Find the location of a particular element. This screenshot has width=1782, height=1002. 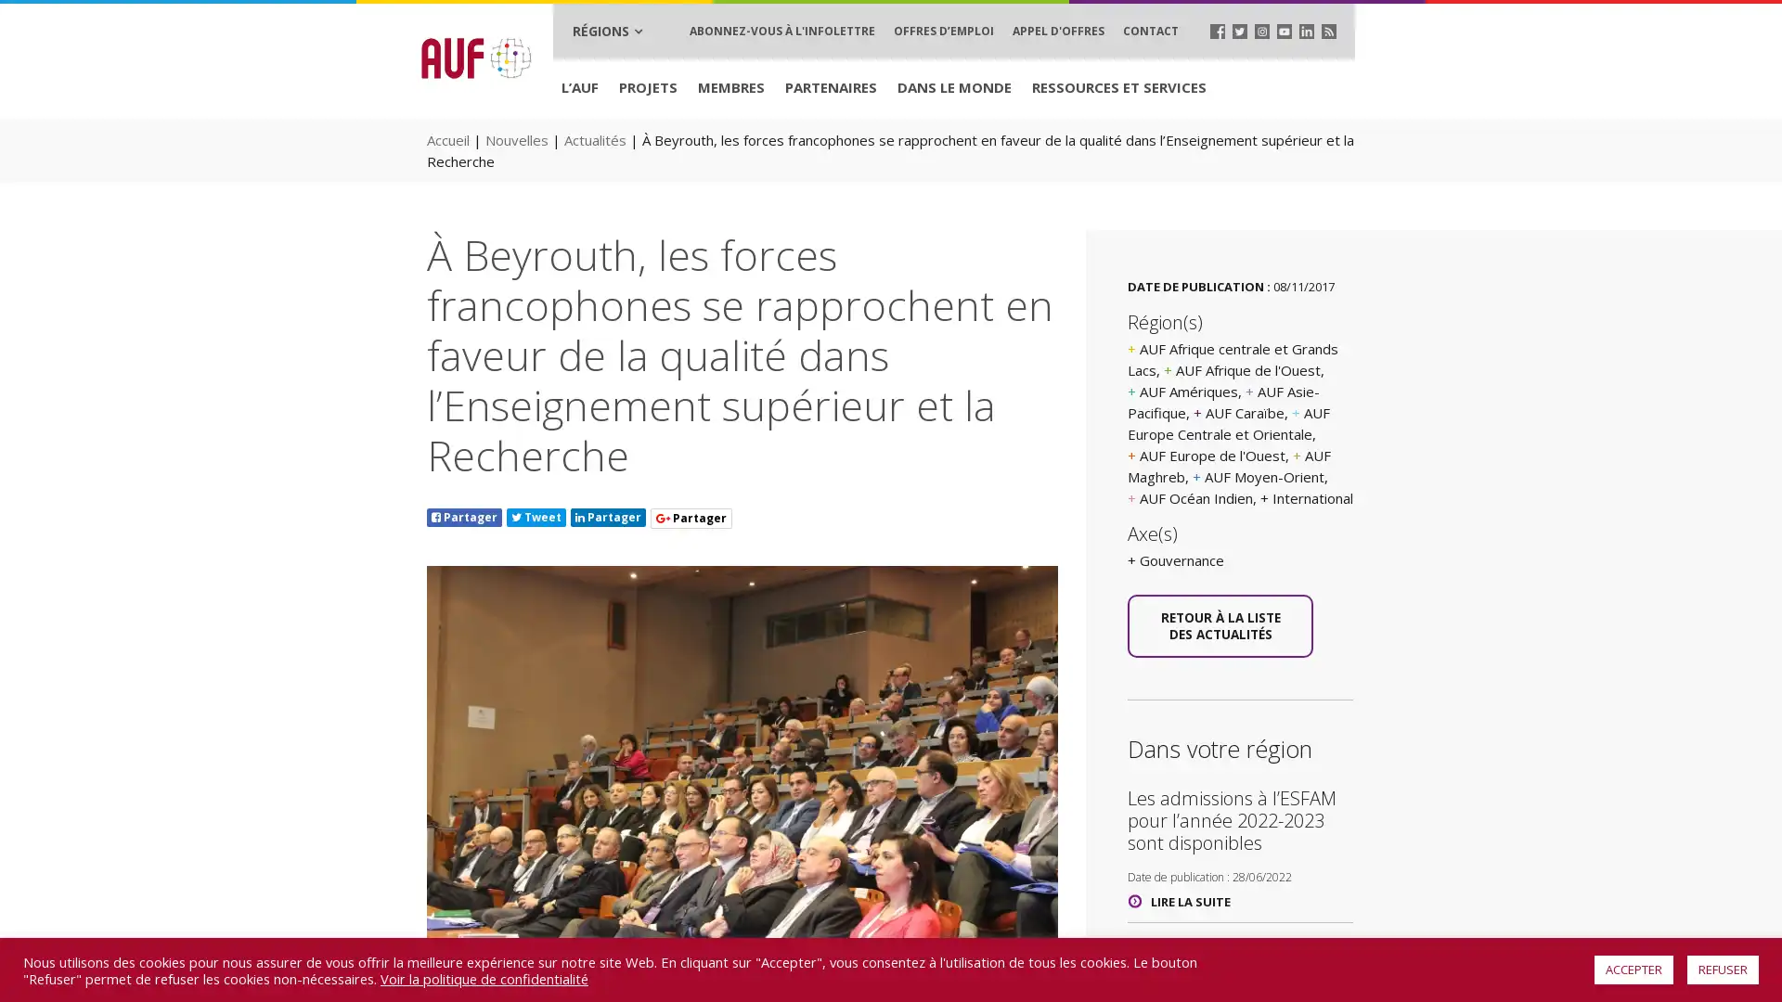

REFUSER is located at coordinates (1722, 969).